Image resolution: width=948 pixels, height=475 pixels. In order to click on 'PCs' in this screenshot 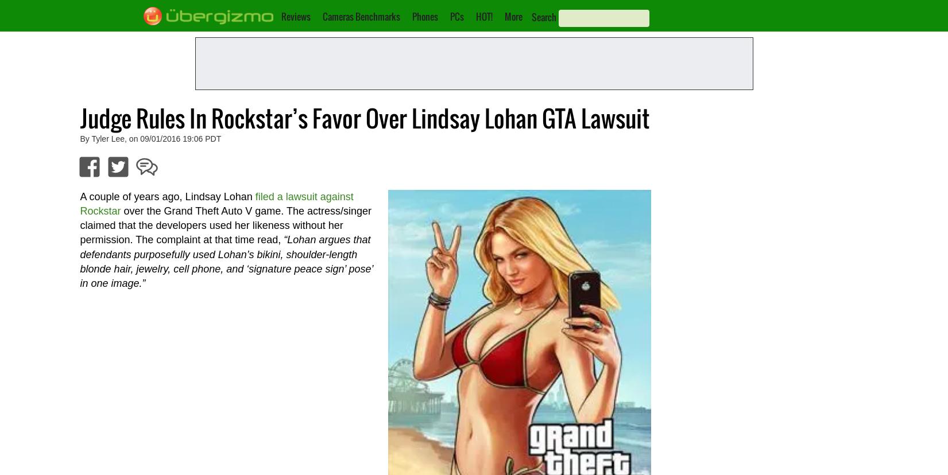, I will do `click(456, 16)`.